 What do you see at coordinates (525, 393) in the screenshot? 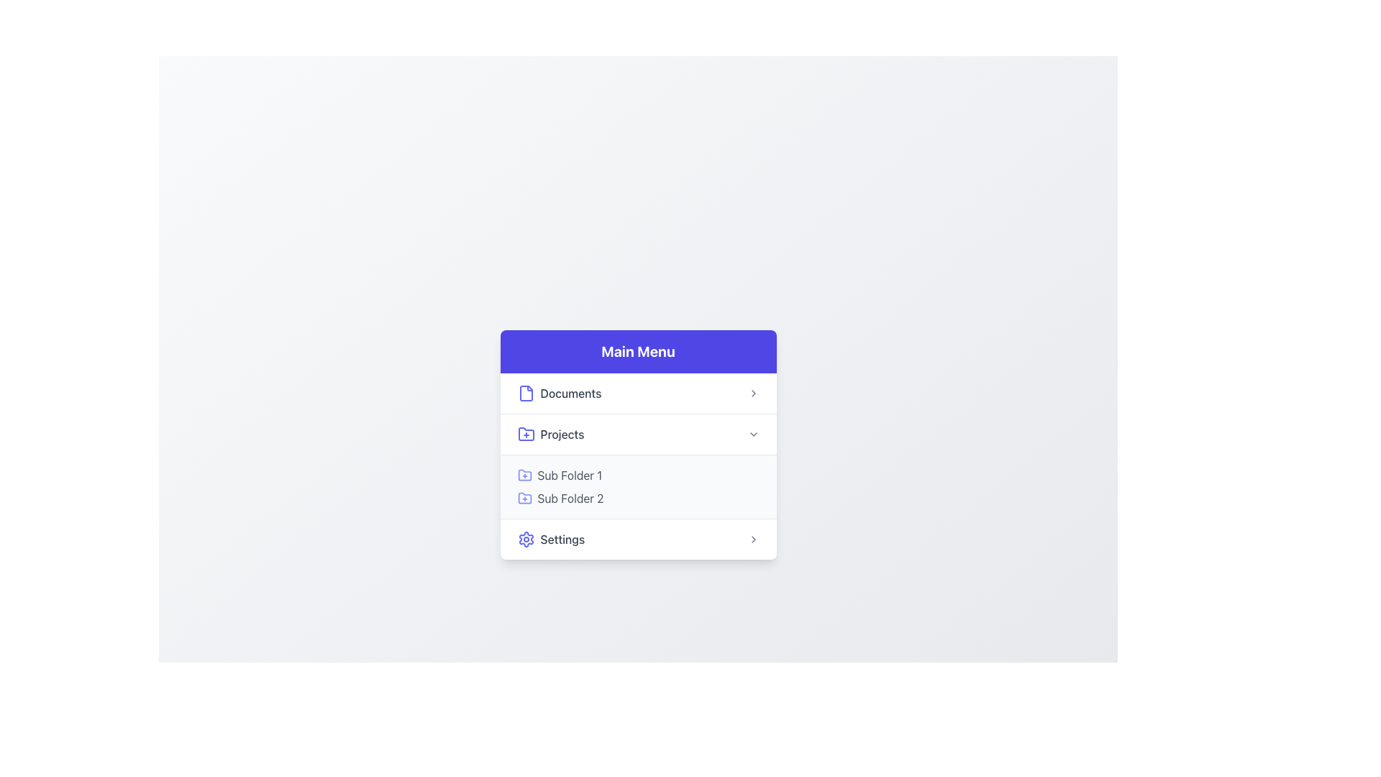
I see `the 'Documents' icon, which is positioned at the leftmost side of the row labeled 'Documents' in the menu box` at bounding box center [525, 393].